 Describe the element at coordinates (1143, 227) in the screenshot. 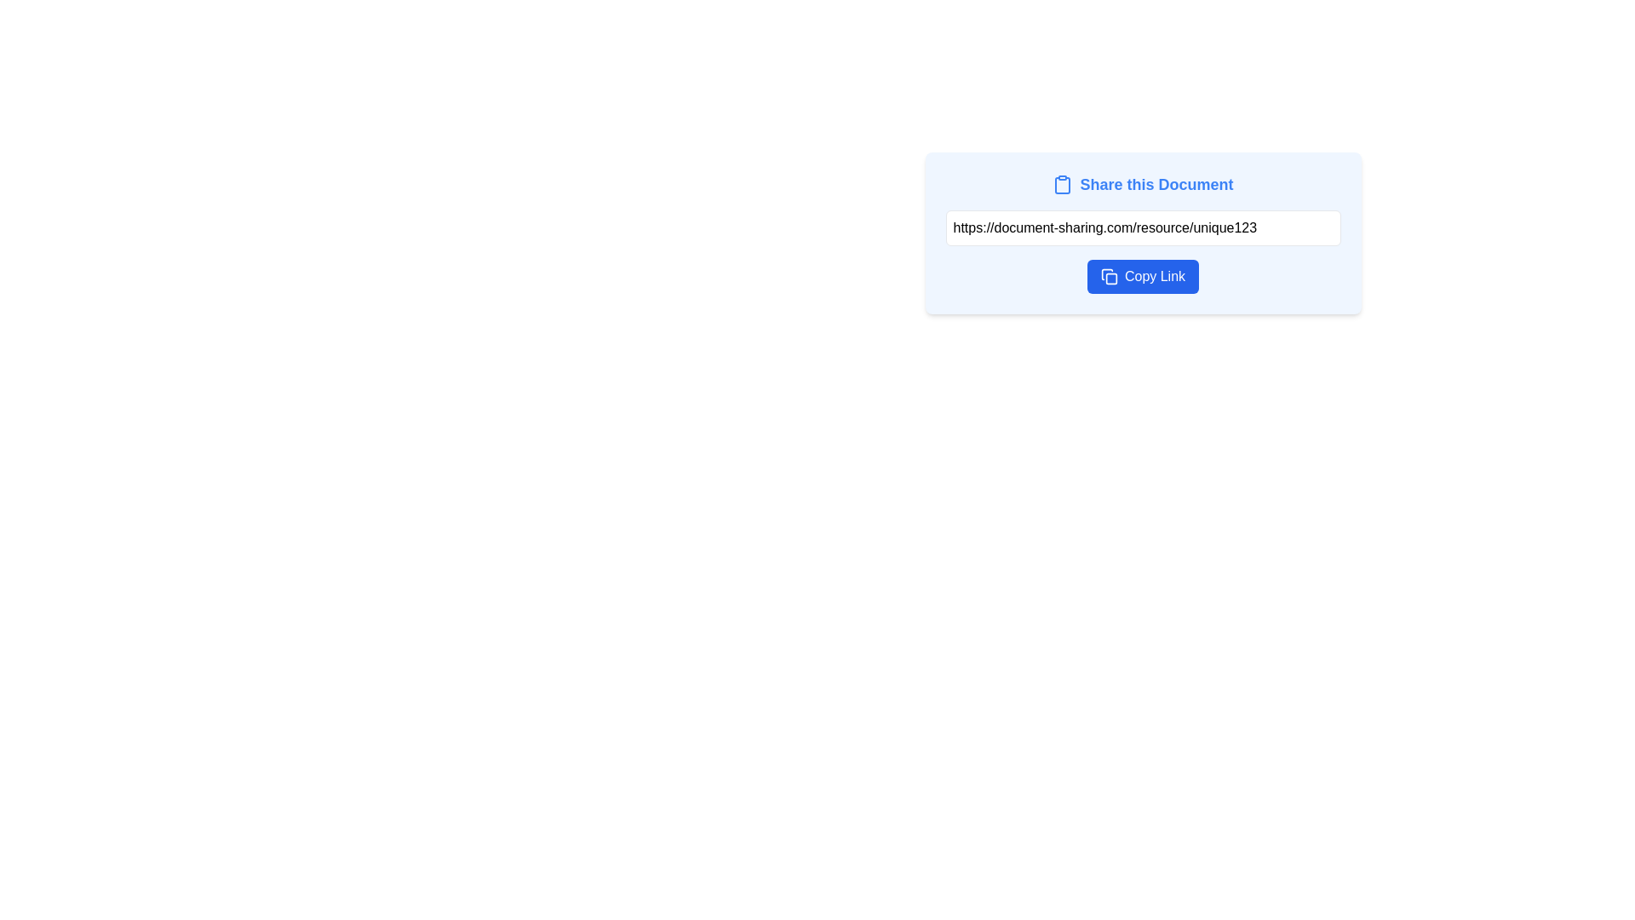

I see `the text input field containing the pre-filled URL 'https://document-sharing.com/resource/unique123' for context menu options` at that location.